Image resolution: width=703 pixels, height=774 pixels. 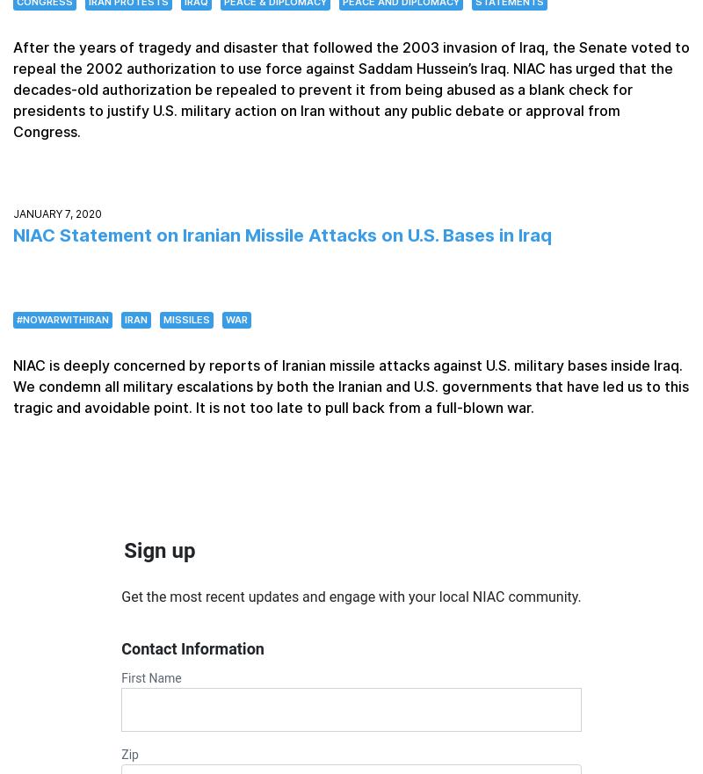 What do you see at coordinates (186, 317) in the screenshot?
I see `'missiles'` at bounding box center [186, 317].